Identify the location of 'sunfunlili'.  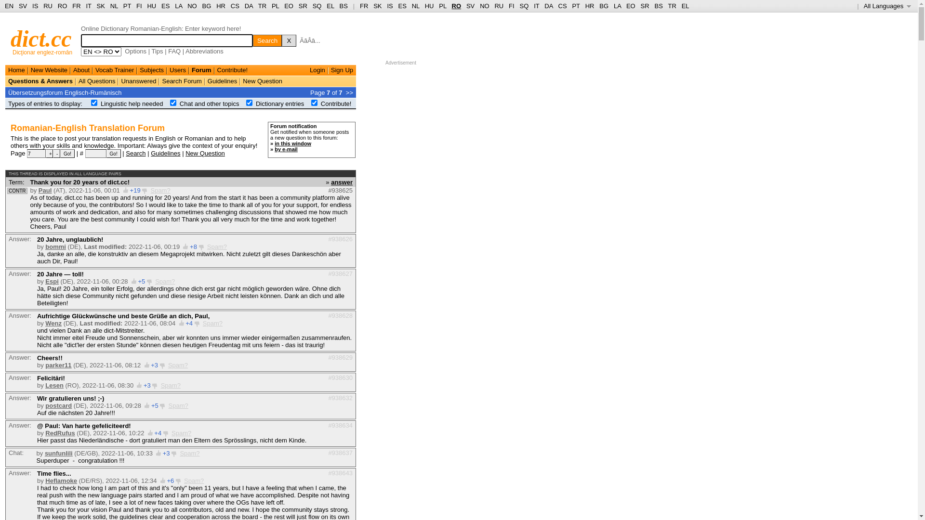
(58, 453).